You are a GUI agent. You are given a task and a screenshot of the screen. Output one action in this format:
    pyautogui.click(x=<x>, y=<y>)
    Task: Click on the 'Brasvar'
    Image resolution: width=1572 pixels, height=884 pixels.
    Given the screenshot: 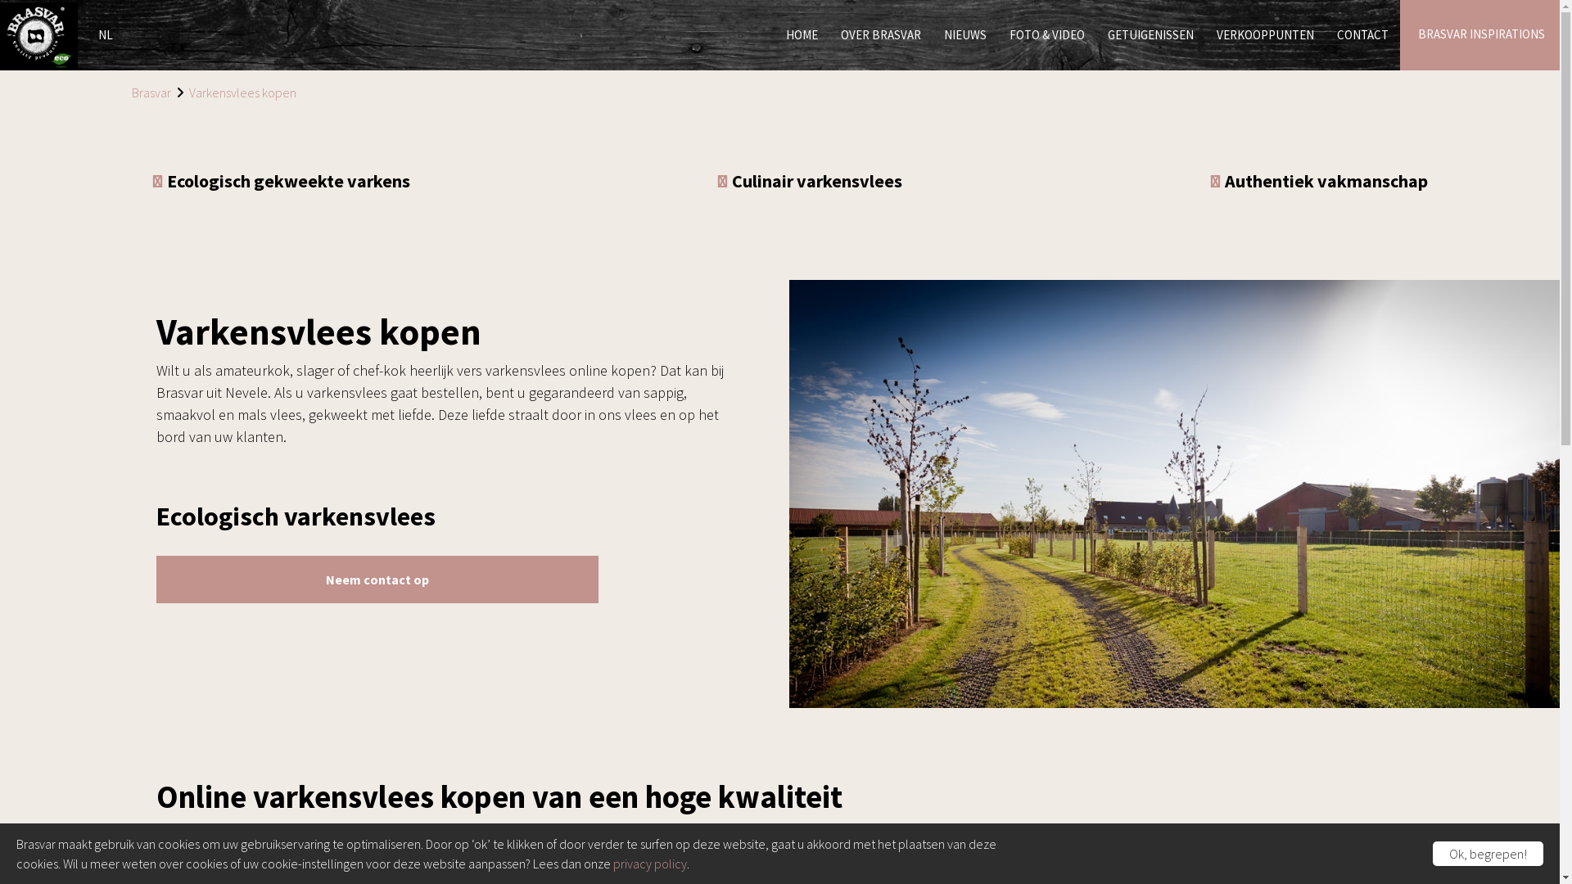 What is the action you would take?
    pyautogui.click(x=151, y=92)
    